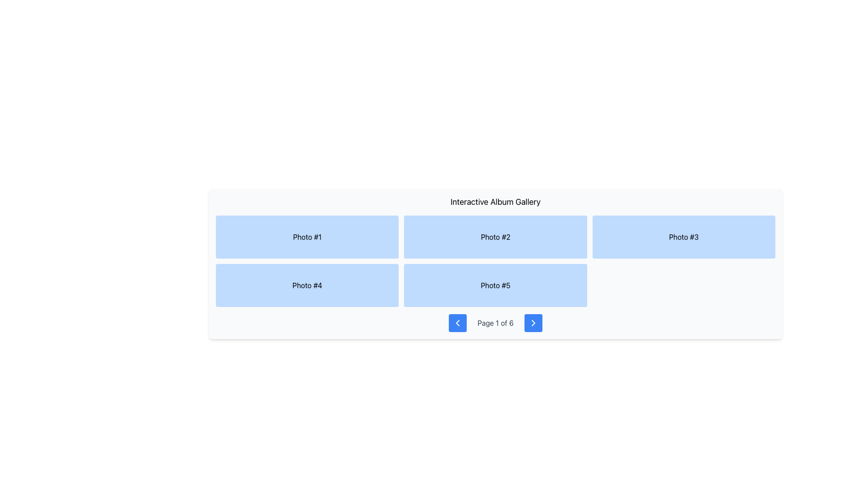  Describe the element at coordinates (307, 285) in the screenshot. I see `the blue rectangular static display box labeled 'Photo #4' that contains bold, black text and is positioned in the second row, first column of the grid layout` at that location.